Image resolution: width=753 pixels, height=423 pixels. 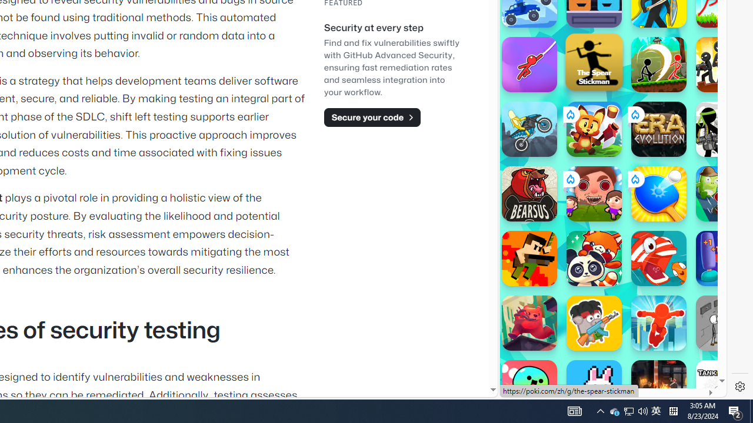 I want to click on 'Parkour Race', so click(x=659, y=323).